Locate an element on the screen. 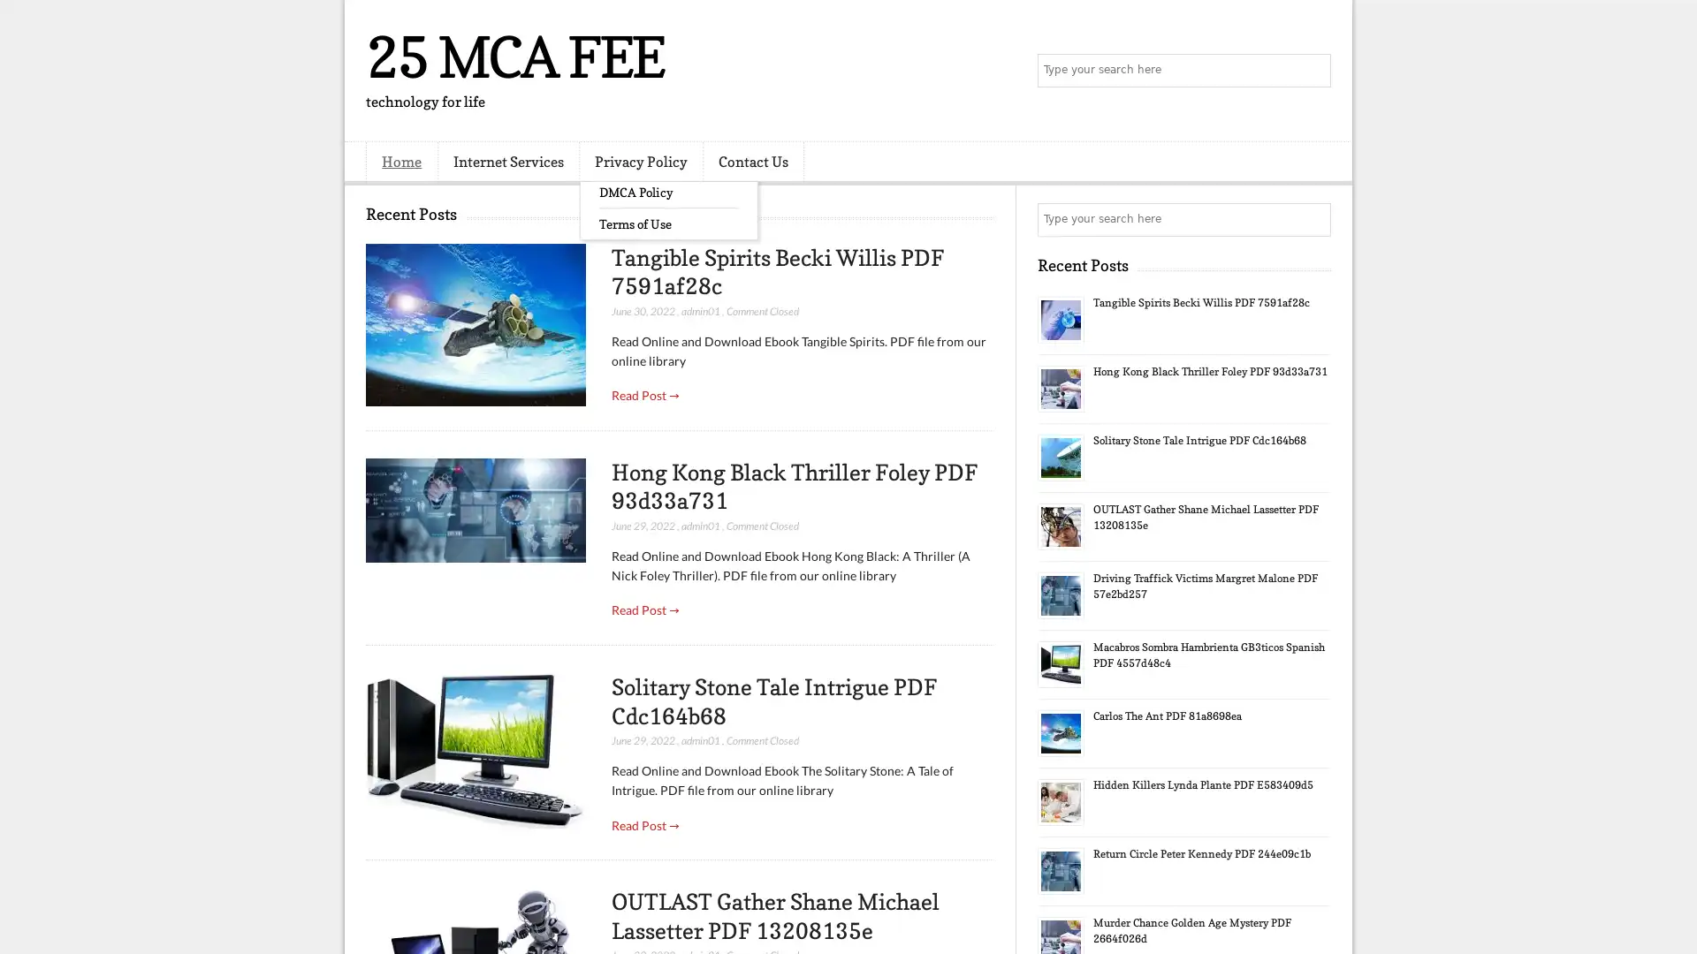  Search is located at coordinates (1313, 71).